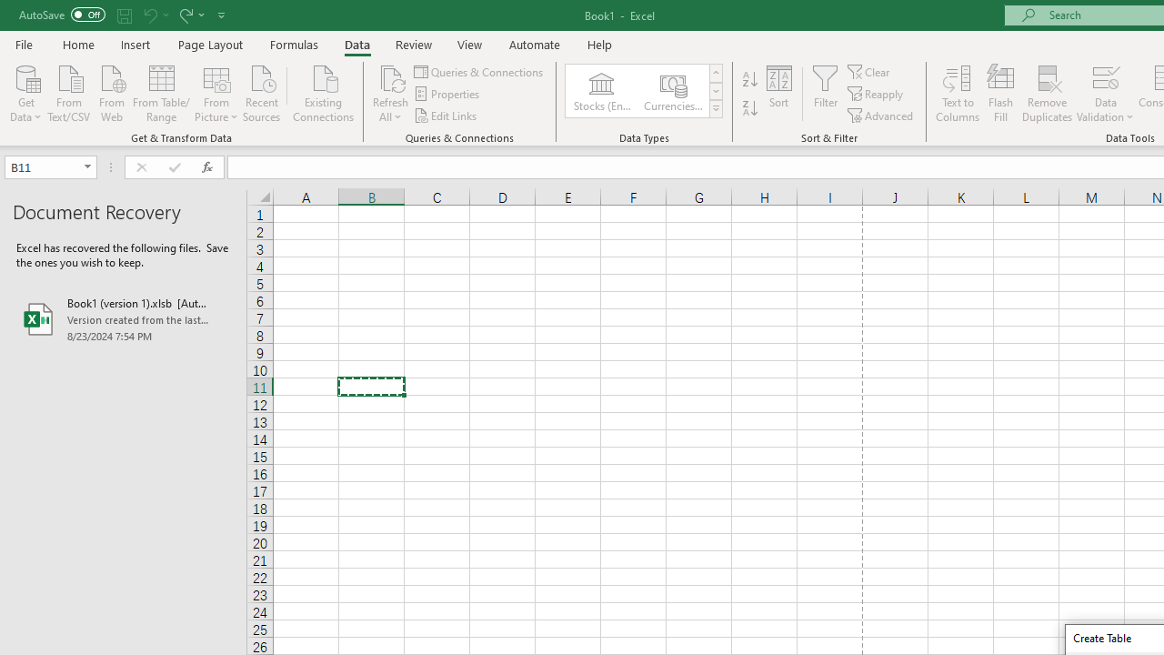 The image size is (1164, 655). What do you see at coordinates (749, 108) in the screenshot?
I see `'Sort Z to A'` at bounding box center [749, 108].